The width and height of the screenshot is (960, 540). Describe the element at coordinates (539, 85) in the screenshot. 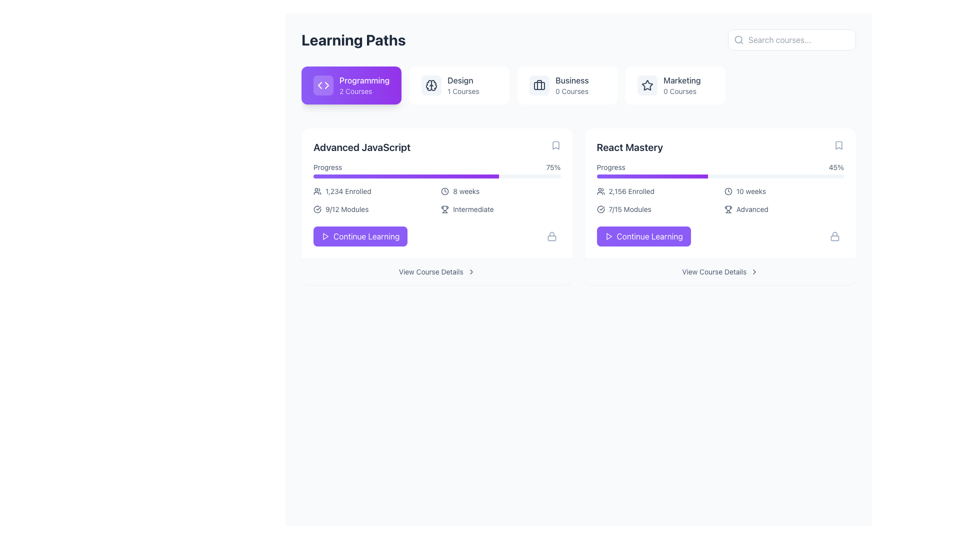

I see `the main body of the briefcase icon, which is a rectangular component with slightly rounded corners, located in the navigation area associated with the 'Business' category` at that location.